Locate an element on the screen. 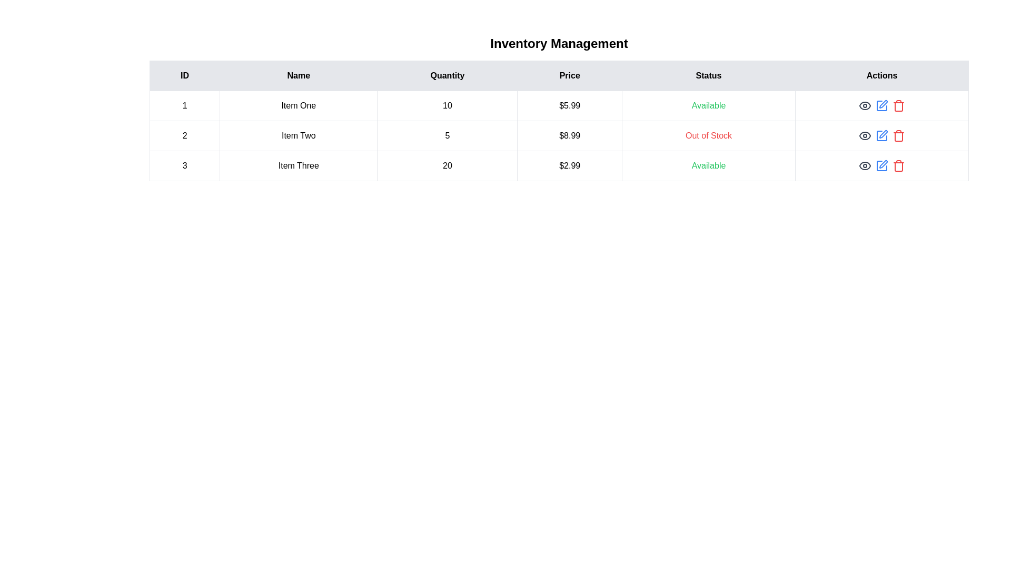  the column header labeled Status to sort the table by that column is located at coordinates (708, 75).